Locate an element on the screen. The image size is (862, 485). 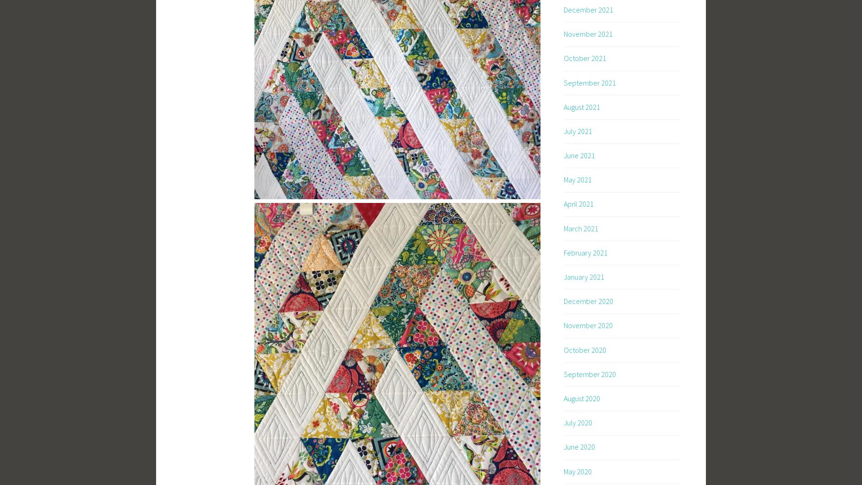
'July 2021' is located at coordinates (577, 131).